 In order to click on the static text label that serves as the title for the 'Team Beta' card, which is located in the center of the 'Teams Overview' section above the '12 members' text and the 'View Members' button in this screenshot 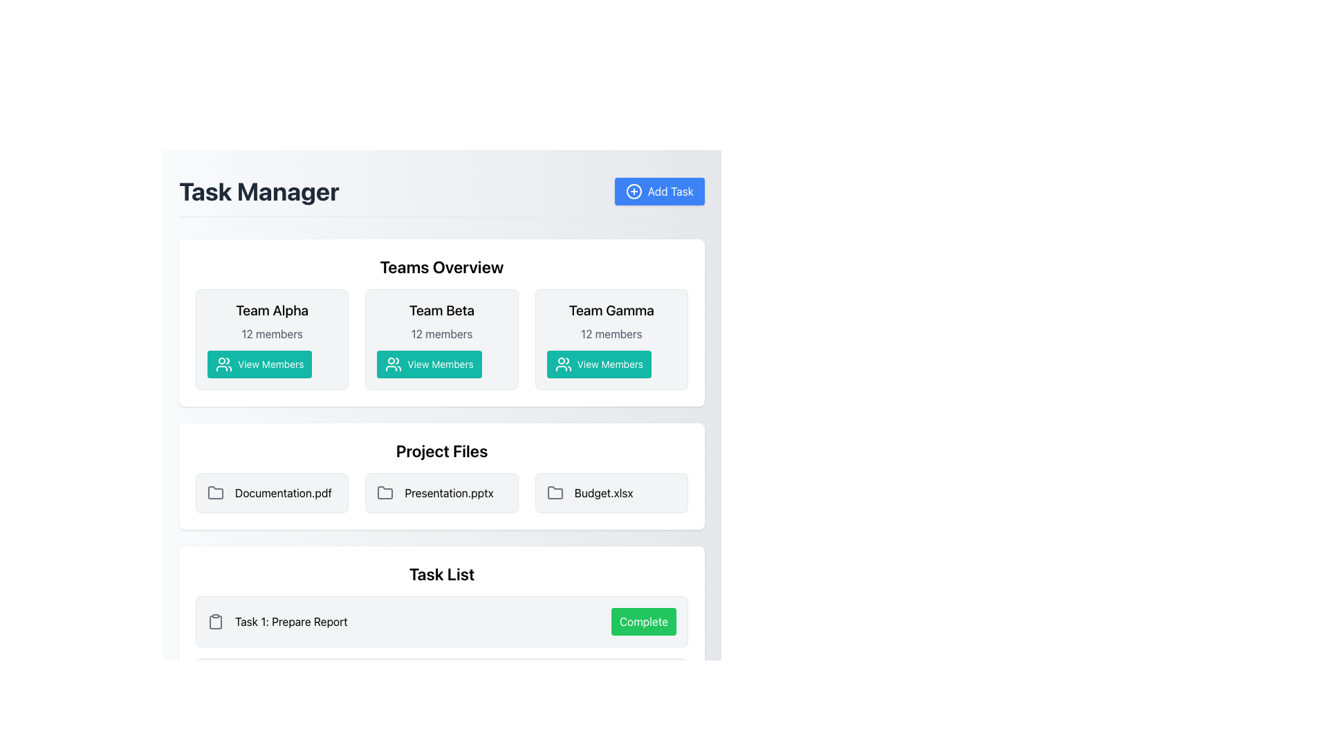, I will do `click(441, 309)`.